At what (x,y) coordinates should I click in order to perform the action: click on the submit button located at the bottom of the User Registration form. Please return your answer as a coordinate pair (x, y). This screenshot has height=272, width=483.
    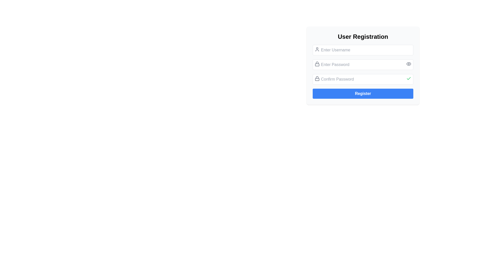
    Looking at the image, I should click on (363, 93).